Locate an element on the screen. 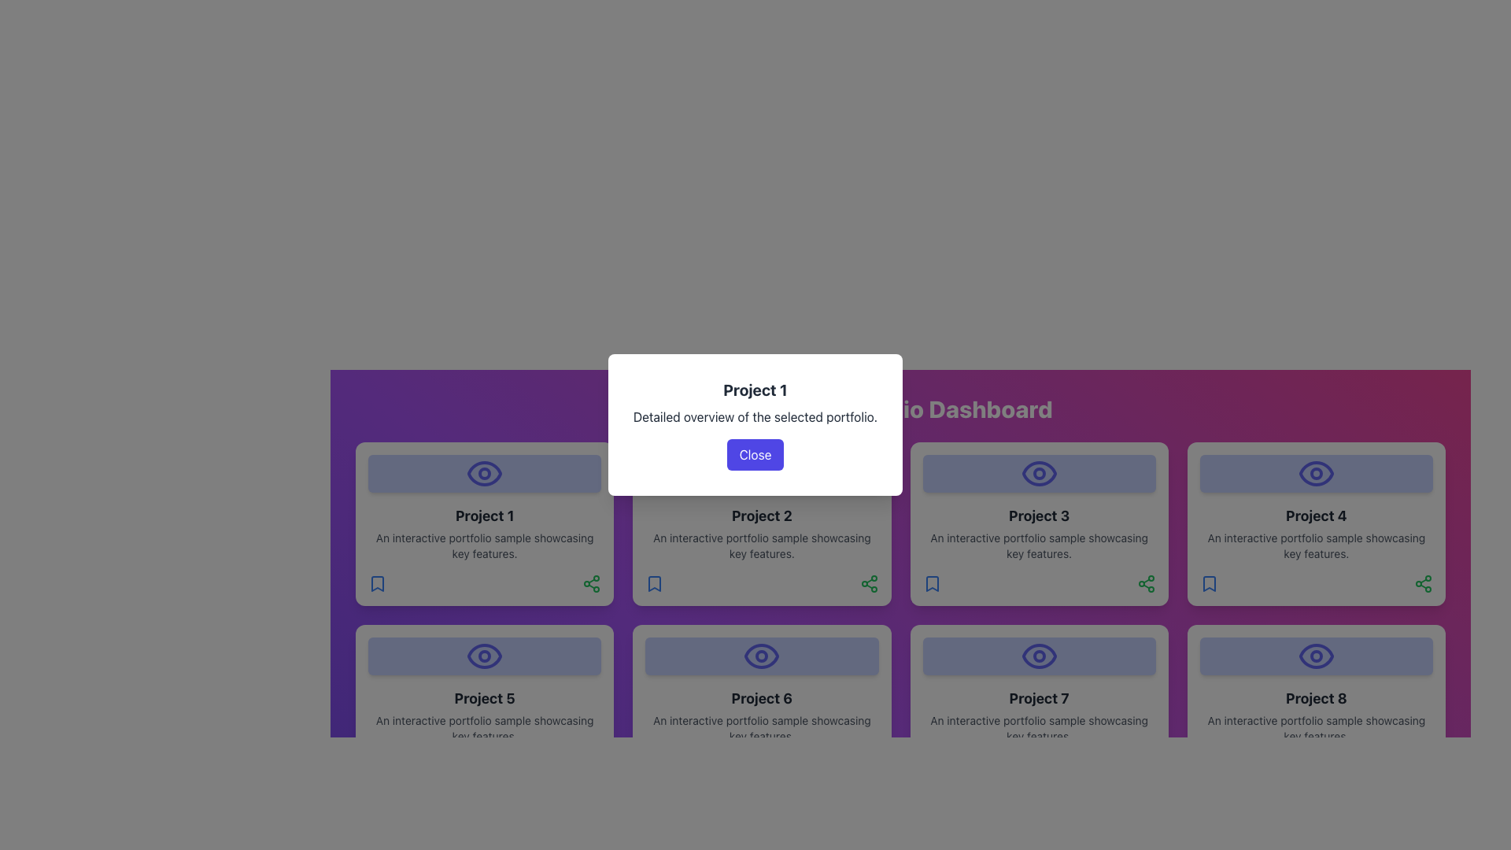  the indigo eye icon in the header section of the eighth card located in the bottom row of the grid layout is located at coordinates (1316, 656).